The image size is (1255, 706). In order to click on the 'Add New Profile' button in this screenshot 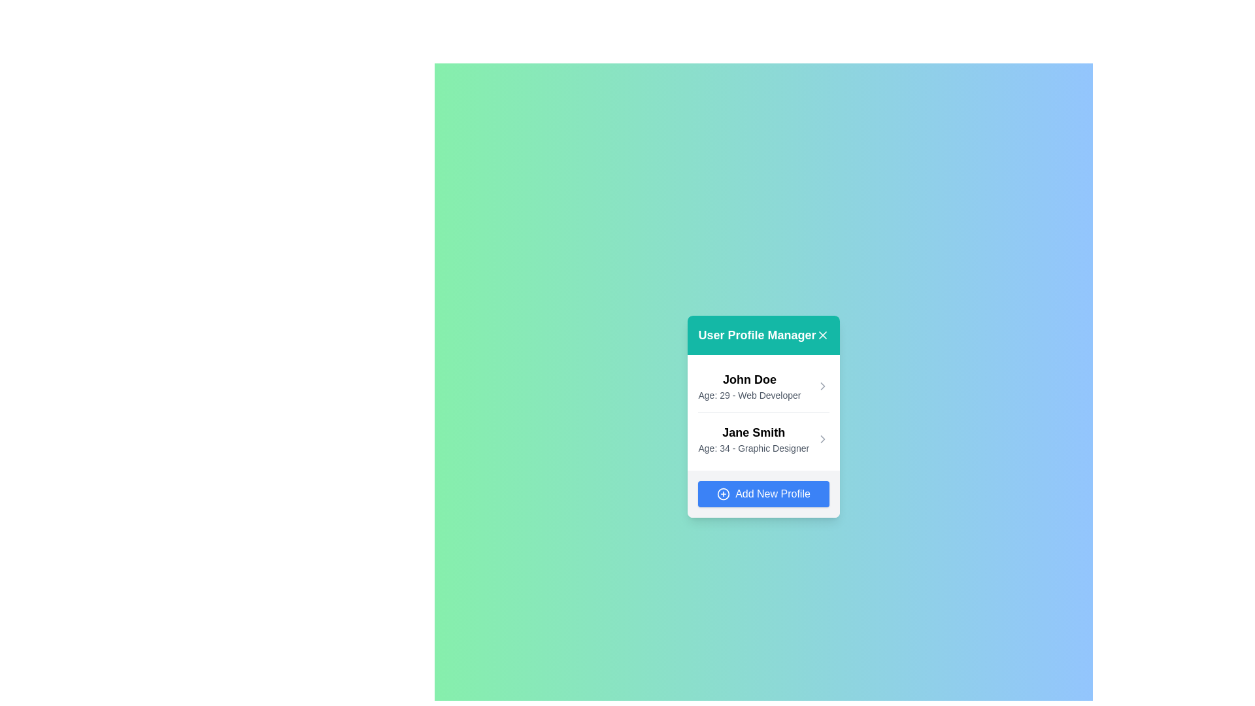, I will do `click(763, 494)`.